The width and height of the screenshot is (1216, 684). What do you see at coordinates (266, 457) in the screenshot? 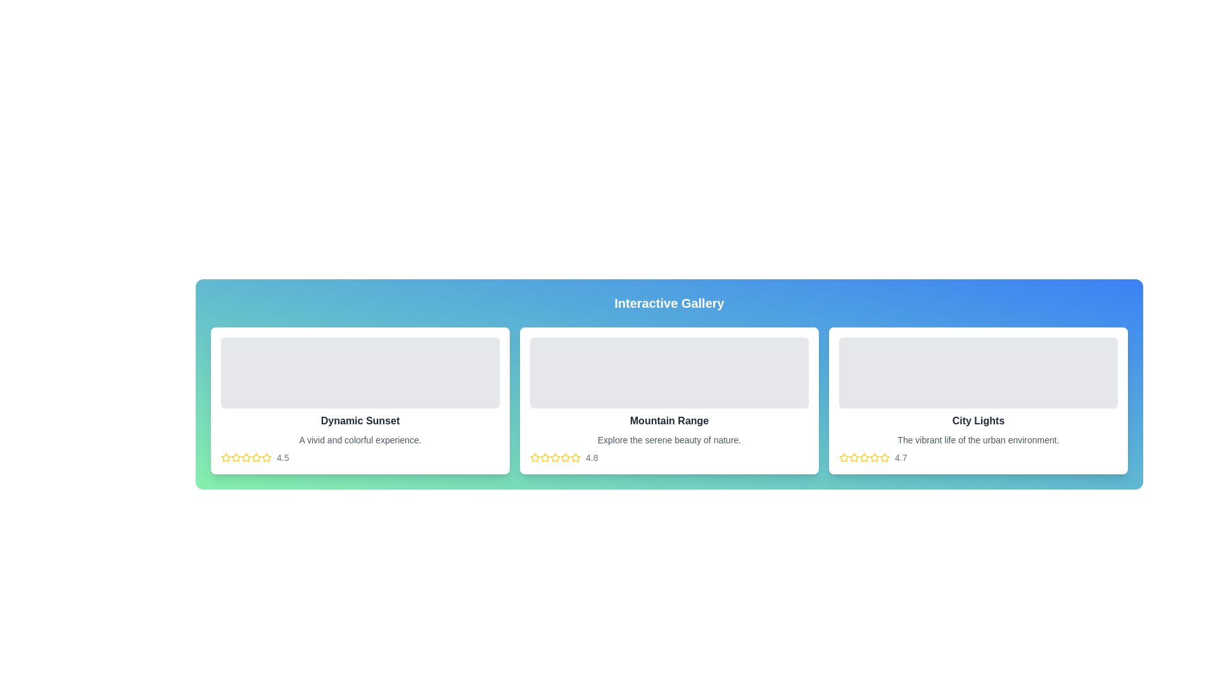
I see `the fifth yellow star icon in the rating system below the title 'Dynamic Sunset'` at bounding box center [266, 457].